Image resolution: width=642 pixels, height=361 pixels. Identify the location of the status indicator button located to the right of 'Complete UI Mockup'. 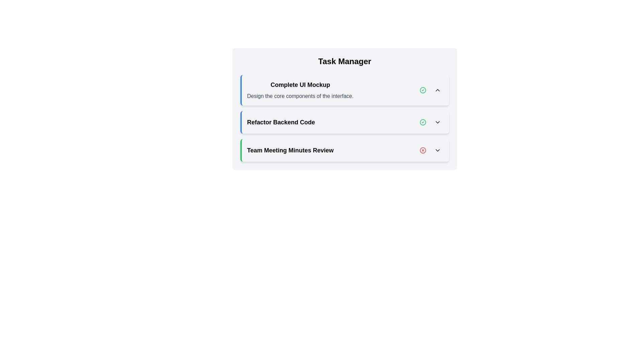
(423, 90).